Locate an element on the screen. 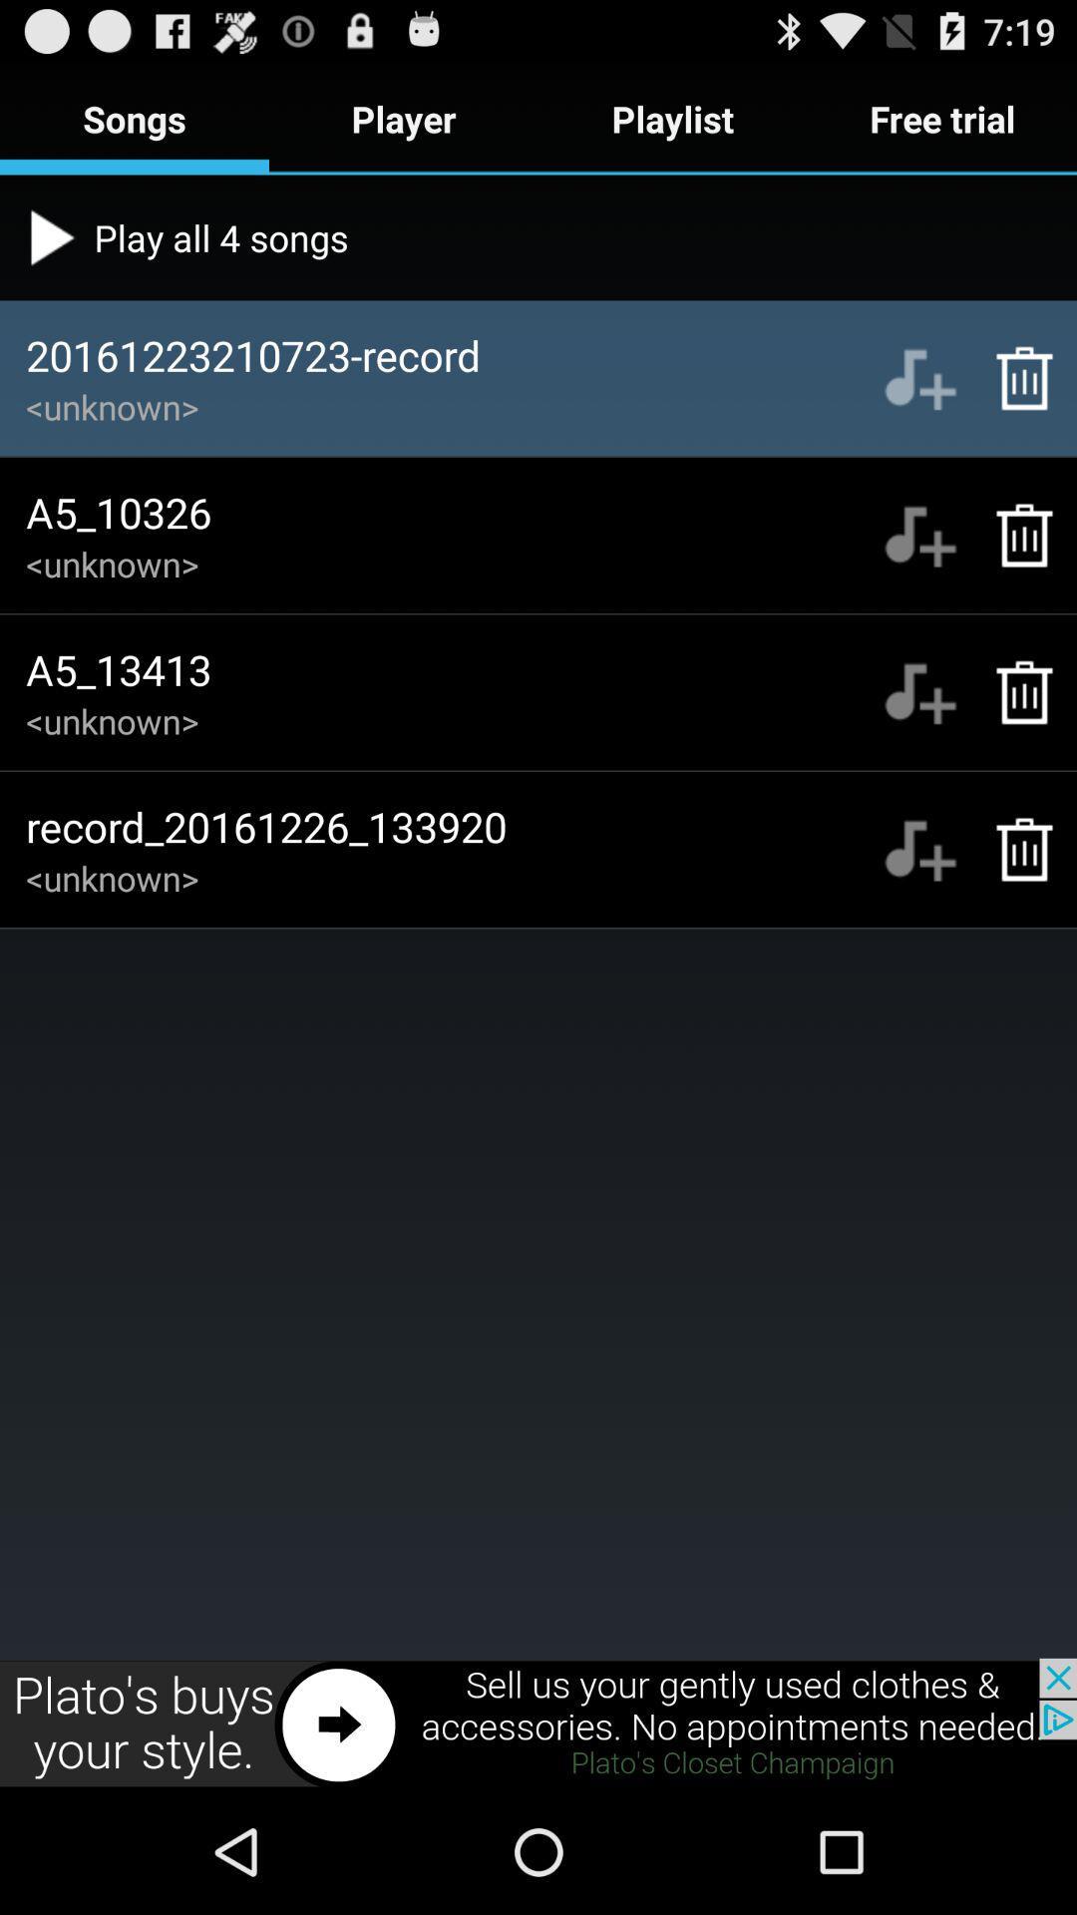  a5_10326 trash icon is located at coordinates (1014, 536).